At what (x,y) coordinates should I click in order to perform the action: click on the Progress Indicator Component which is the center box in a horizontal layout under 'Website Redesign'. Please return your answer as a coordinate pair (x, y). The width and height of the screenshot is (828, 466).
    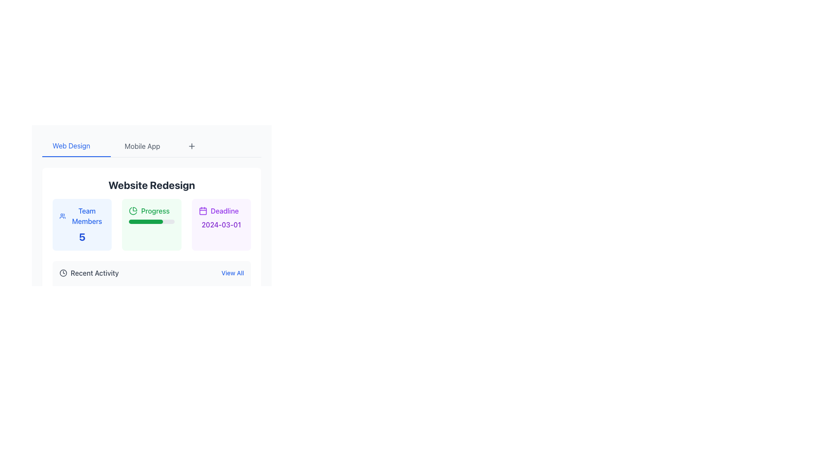
    Looking at the image, I should click on (151, 247).